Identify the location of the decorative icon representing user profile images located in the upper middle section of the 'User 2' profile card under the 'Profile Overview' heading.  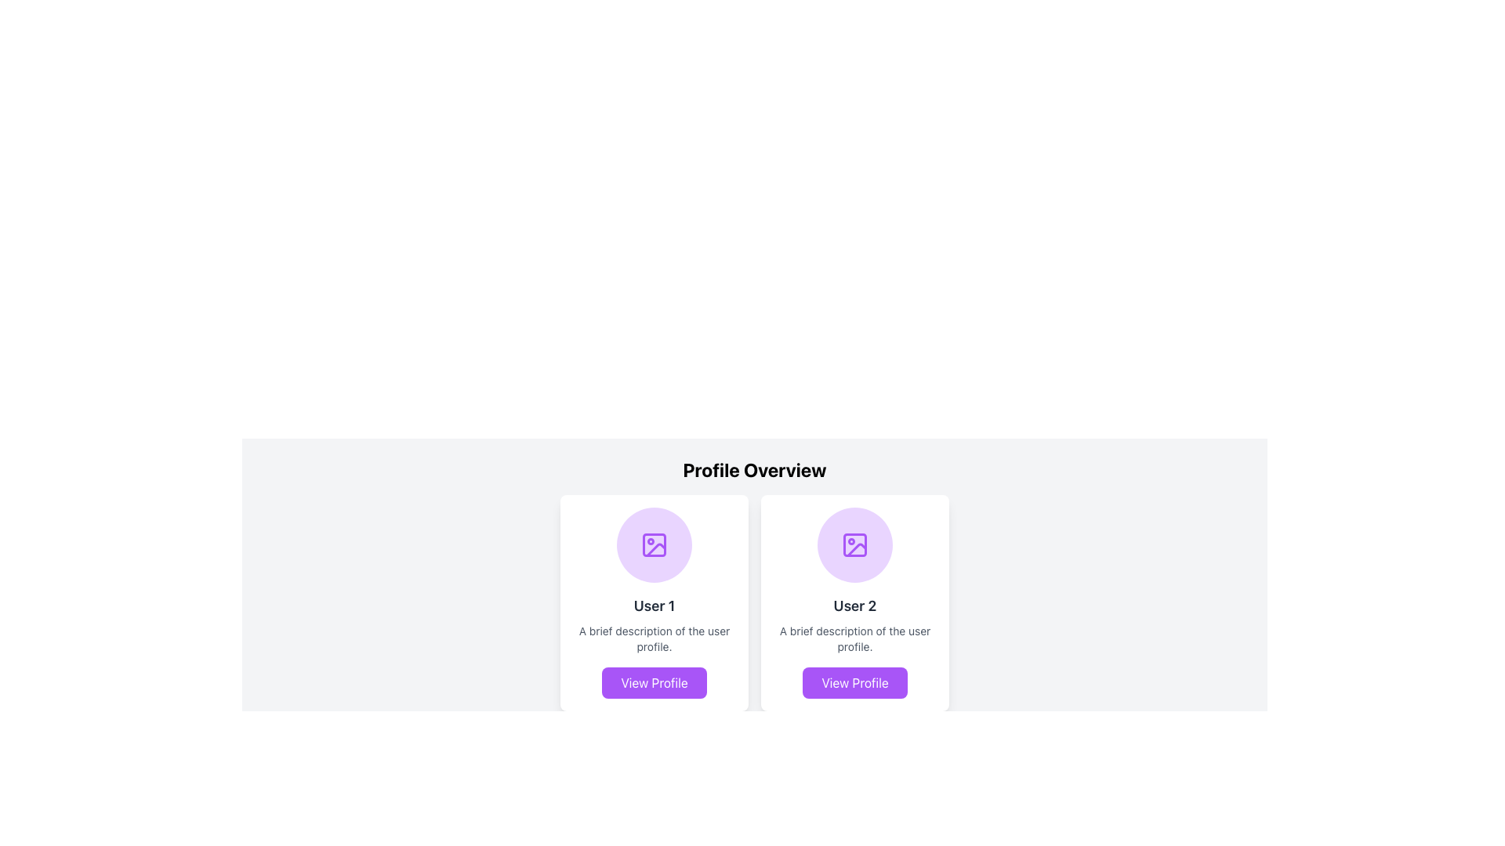
(854, 544).